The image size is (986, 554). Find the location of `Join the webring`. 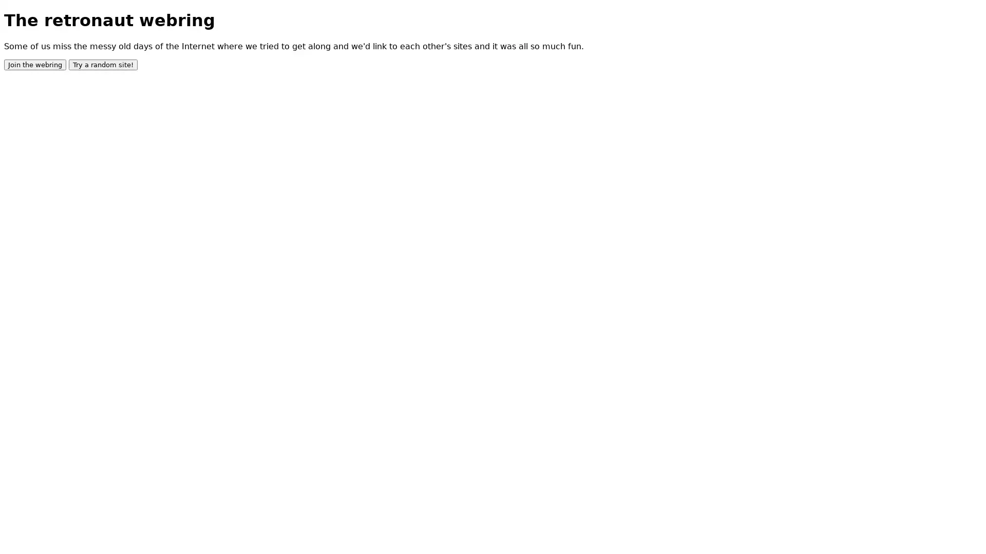

Join the webring is located at coordinates (35, 64).